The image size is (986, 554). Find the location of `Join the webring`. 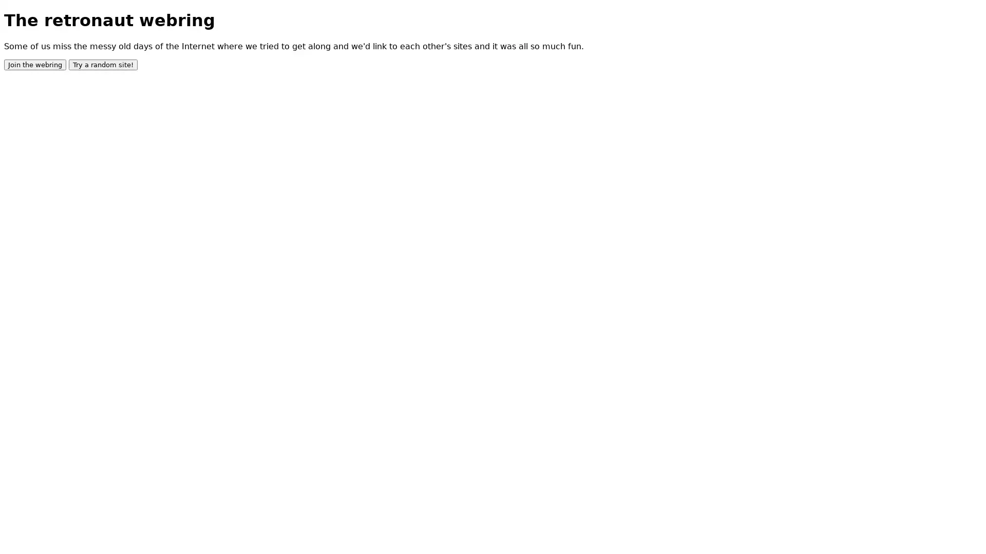

Join the webring is located at coordinates (35, 64).